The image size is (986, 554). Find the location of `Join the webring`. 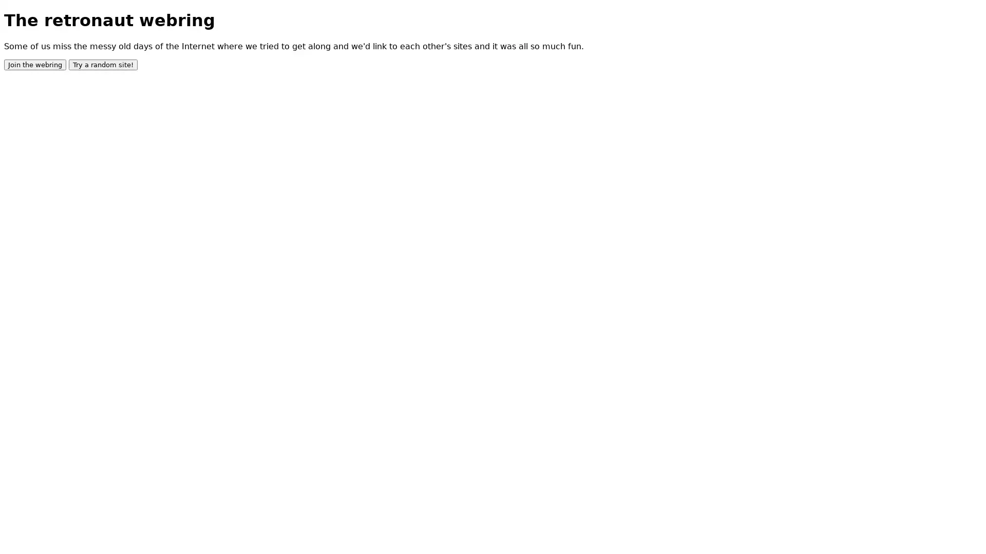

Join the webring is located at coordinates (35, 64).